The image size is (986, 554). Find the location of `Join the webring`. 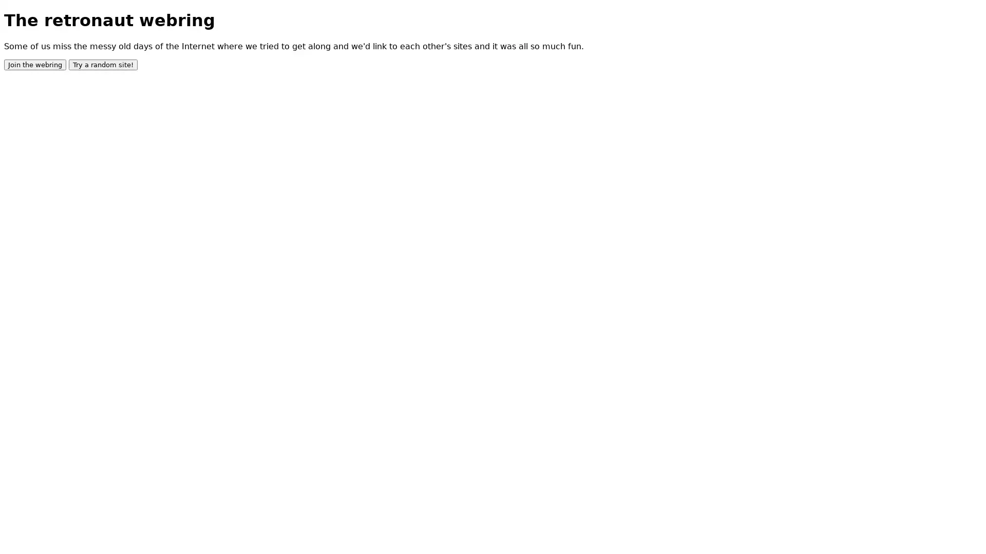

Join the webring is located at coordinates (35, 64).